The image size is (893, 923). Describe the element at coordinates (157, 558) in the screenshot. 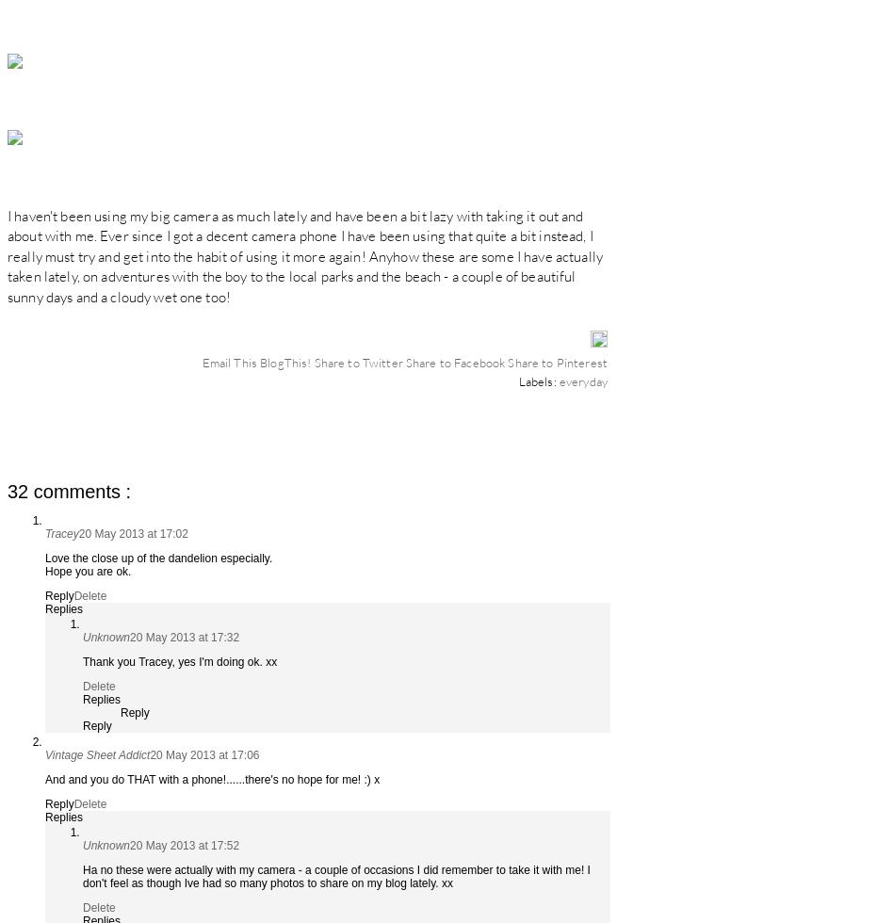

I see `'Love the close up of the dandelion especially.'` at that location.